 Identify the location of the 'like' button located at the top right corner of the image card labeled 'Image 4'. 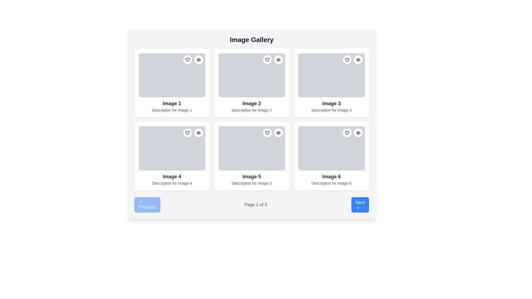
(187, 133).